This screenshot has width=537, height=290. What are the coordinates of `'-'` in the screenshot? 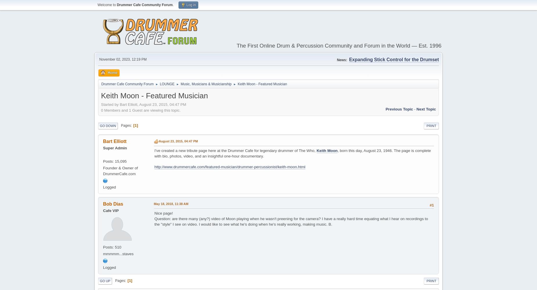 It's located at (415, 109).